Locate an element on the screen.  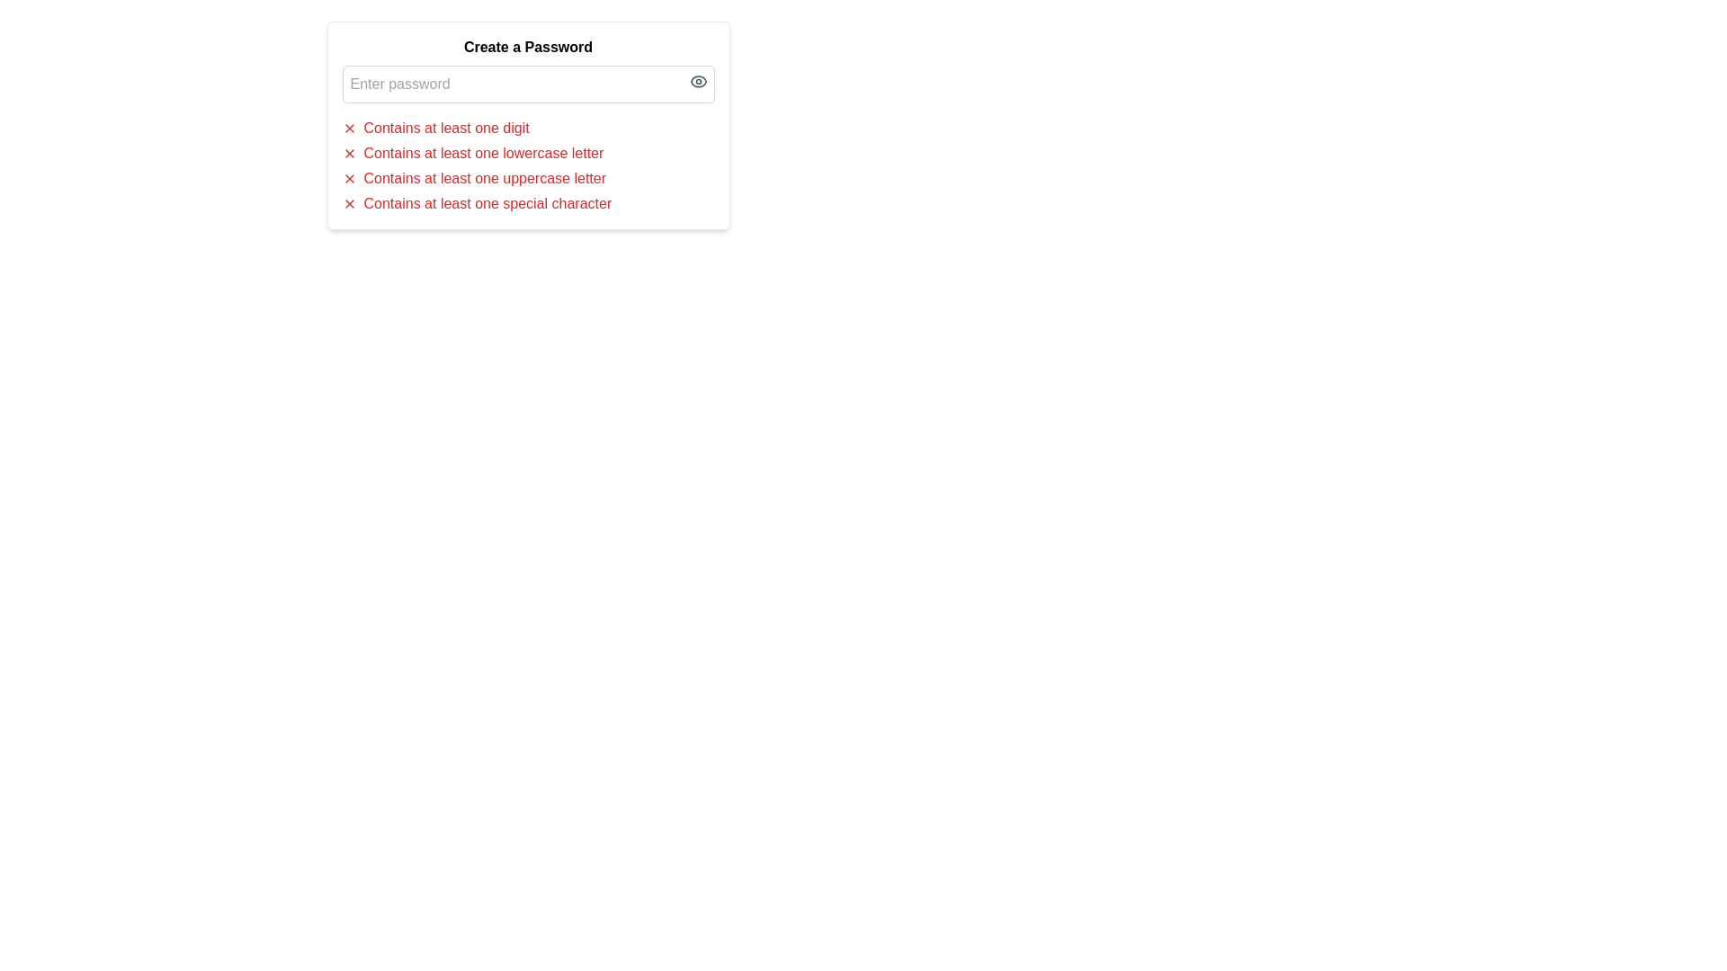
the icon indicating the uppercase letter requirement for password validation, located to the left of the associated text is located at coordinates (349, 179).